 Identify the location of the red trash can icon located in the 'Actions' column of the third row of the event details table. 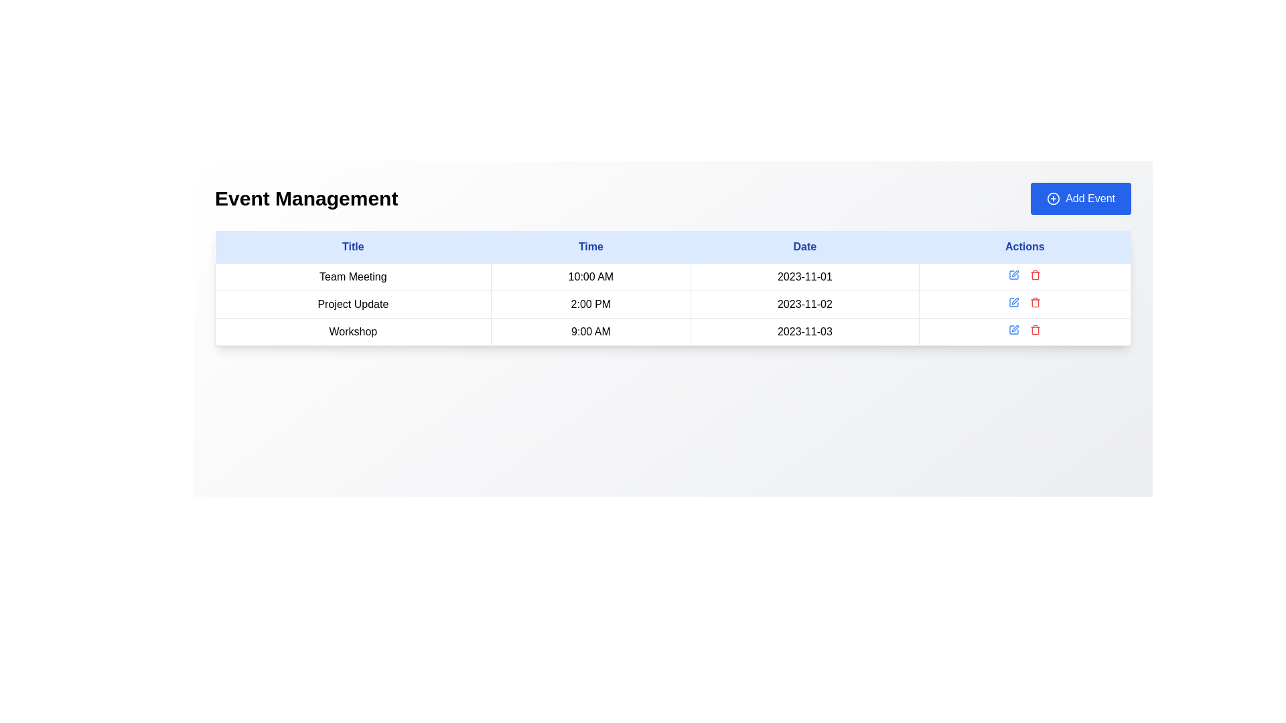
(1035, 330).